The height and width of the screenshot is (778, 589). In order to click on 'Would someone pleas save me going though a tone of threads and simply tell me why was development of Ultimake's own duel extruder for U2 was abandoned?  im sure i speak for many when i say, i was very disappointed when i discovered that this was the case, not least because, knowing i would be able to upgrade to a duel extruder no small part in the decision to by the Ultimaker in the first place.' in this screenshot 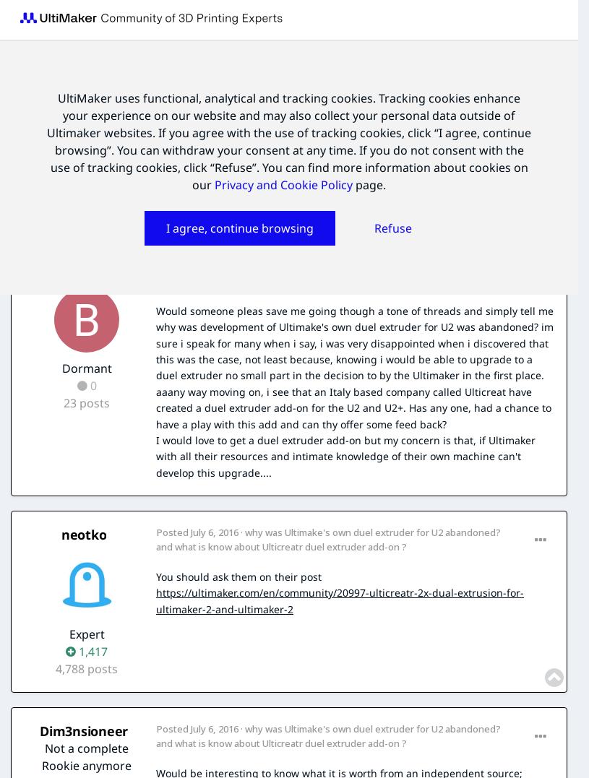, I will do `click(355, 342)`.